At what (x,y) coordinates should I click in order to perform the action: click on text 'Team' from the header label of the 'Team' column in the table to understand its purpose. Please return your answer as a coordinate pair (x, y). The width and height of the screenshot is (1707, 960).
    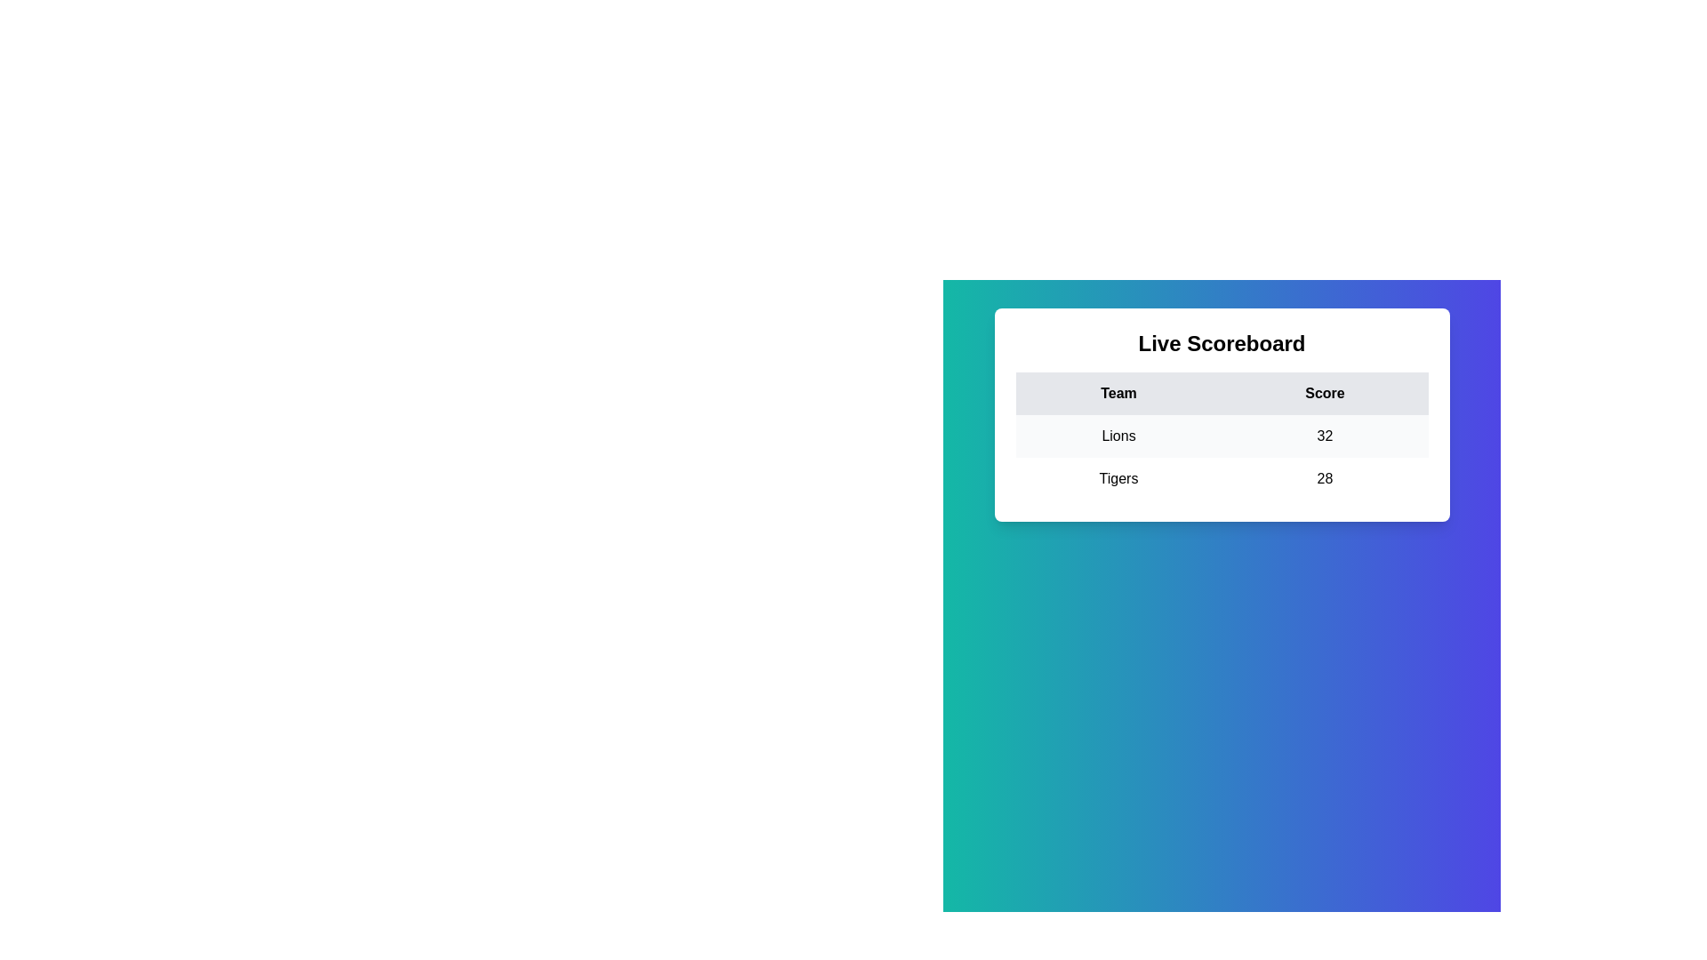
    Looking at the image, I should click on (1118, 393).